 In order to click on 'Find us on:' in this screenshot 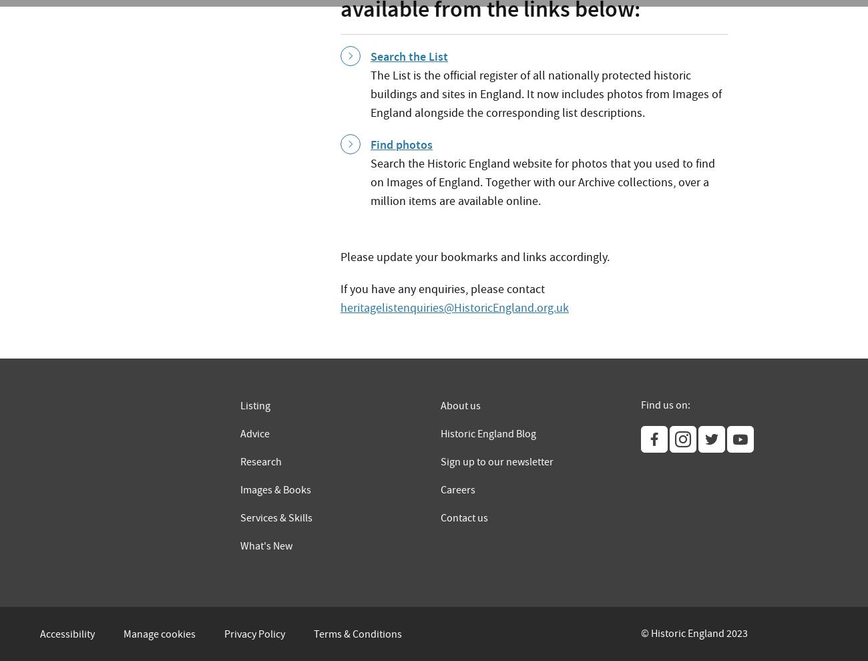, I will do `click(664, 403)`.